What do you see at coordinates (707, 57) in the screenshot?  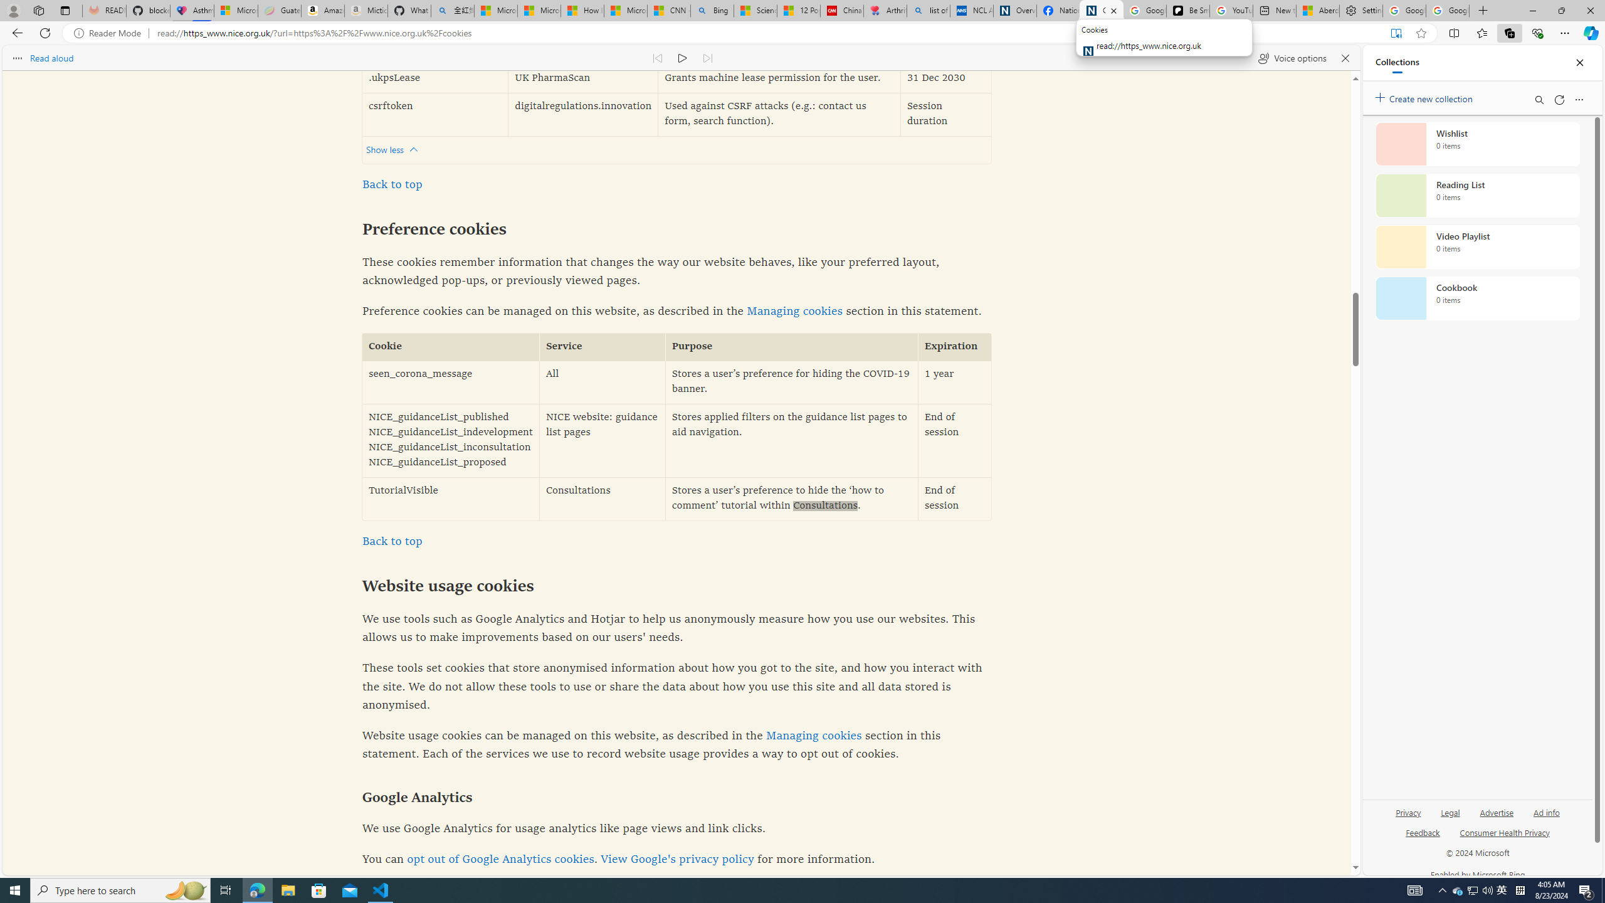 I see `'Read next paragraph'` at bounding box center [707, 57].